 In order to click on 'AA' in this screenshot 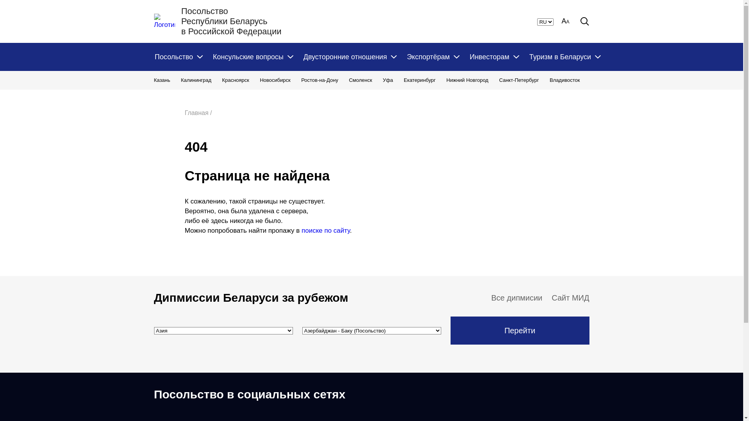, I will do `click(565, 21)`.